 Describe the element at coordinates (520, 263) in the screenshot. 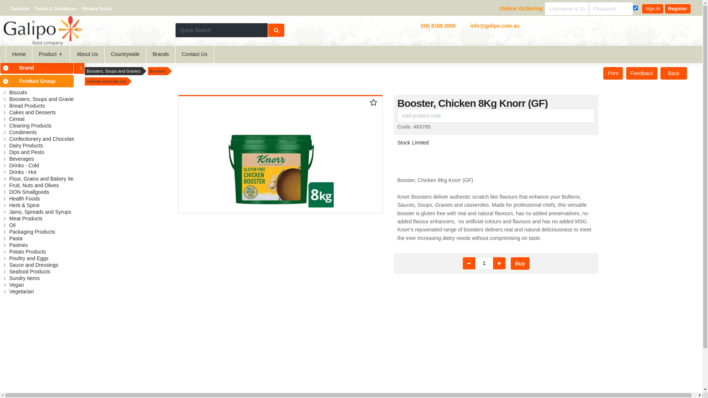

I see `'Buy'` at that location.